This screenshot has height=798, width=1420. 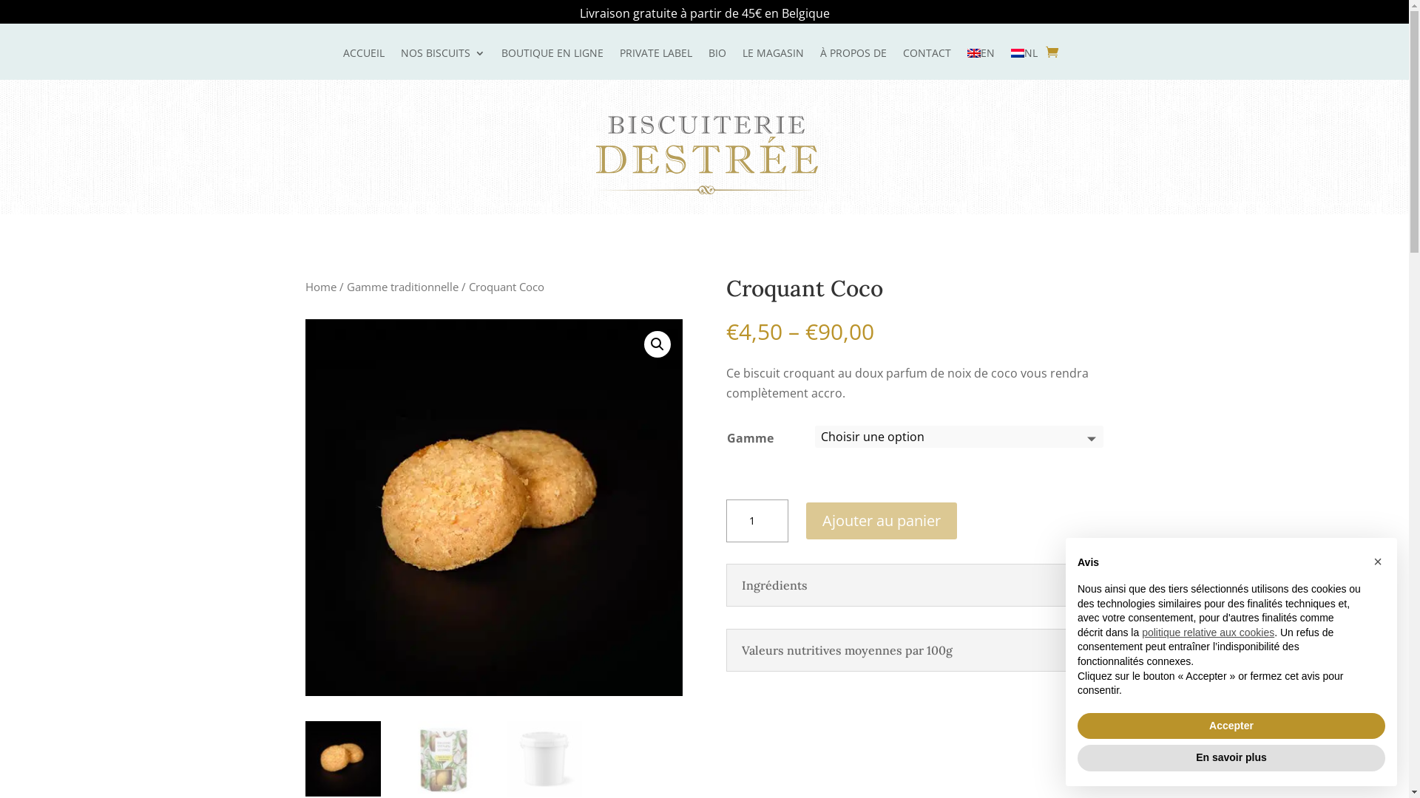 What do you see at coordinates (881, 520) in the screenshot?
I see `'Ajouter au panier'` at bounding box center [881, 520].